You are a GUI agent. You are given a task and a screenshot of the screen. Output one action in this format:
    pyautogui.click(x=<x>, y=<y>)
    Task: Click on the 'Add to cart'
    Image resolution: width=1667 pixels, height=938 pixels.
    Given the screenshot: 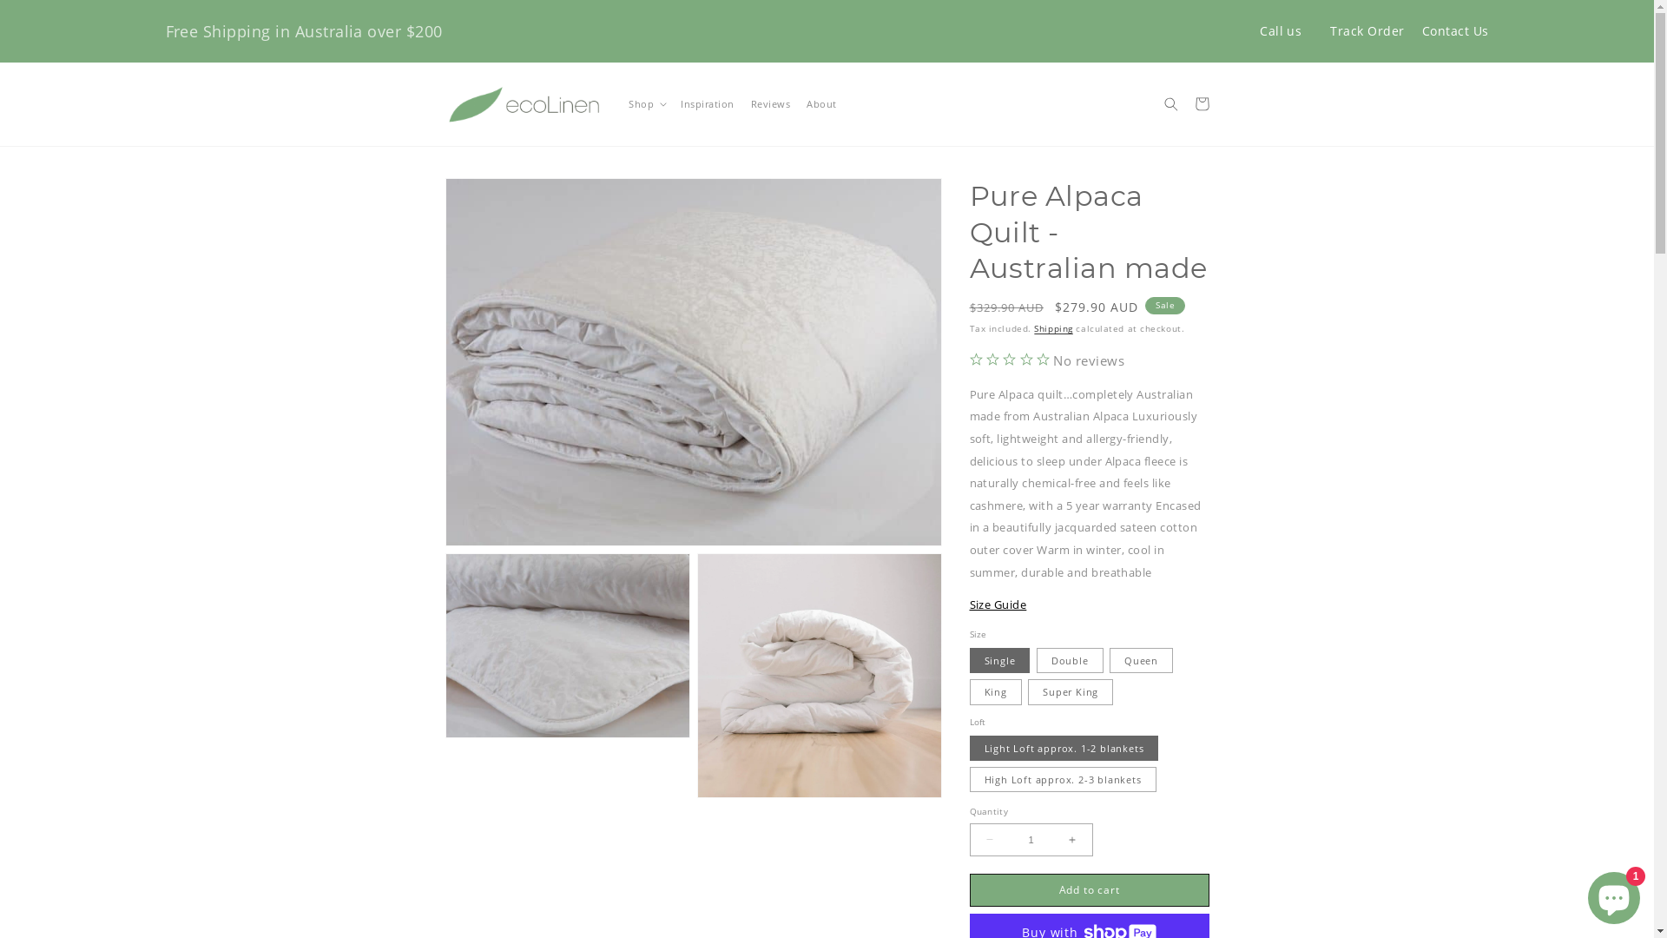 What is the action you would take?
    pyautogui.click(x=1087, y=890)
    